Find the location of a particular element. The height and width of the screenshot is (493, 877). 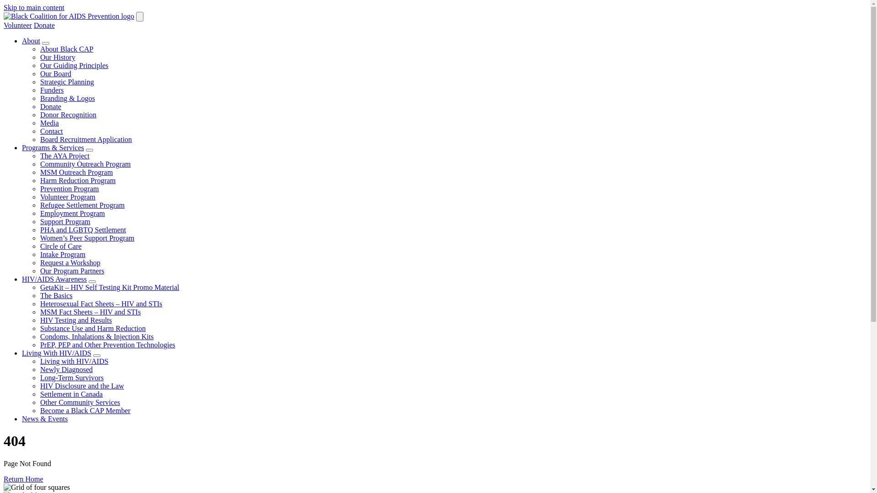

'About Black CAP' is located at coordinates (39, 49).